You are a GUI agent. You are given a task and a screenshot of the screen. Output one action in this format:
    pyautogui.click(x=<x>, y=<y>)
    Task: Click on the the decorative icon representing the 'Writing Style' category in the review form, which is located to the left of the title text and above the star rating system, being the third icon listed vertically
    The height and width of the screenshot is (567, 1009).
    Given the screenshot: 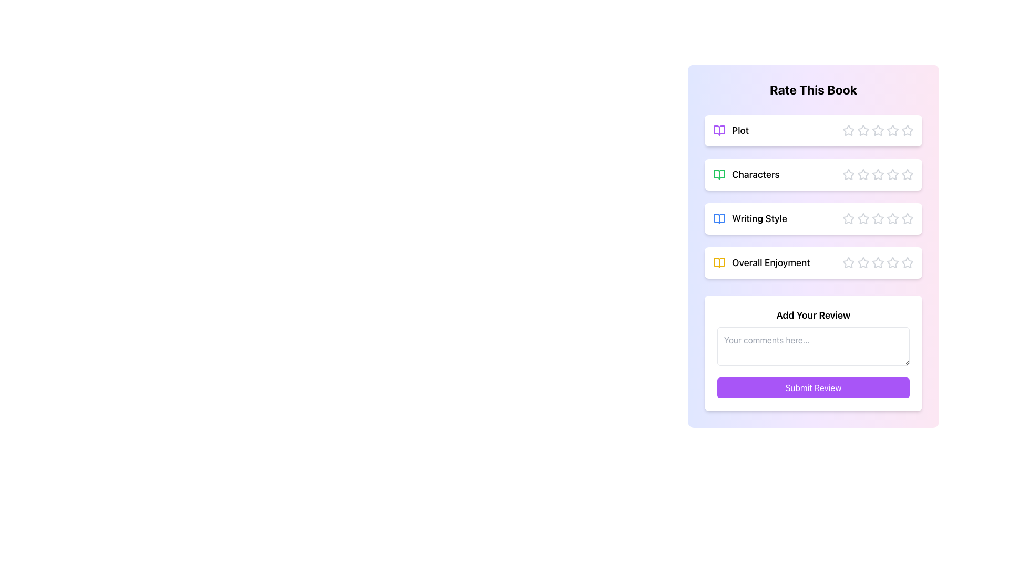 What is the action you would take?
    pyautogui.click(x=718, y=218)
    